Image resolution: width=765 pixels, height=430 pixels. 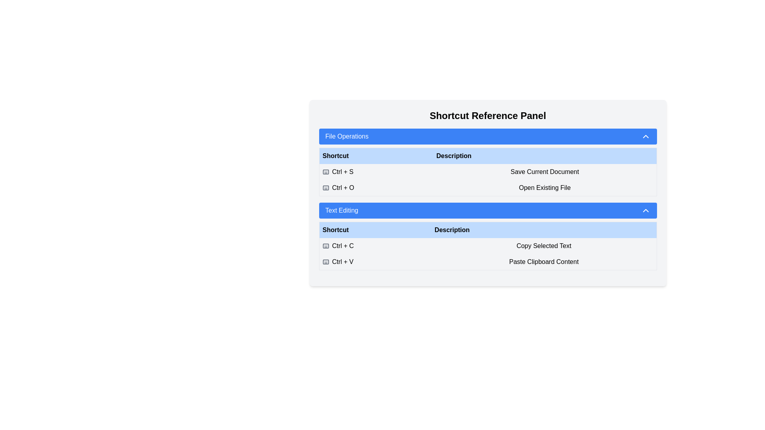 I want to click on the Informative Table Row containing the keyboard icon and the shortcut 'Ctrl + C' in the 'Text Editing' section of the shortcut reference panel, so click(x=487, y=245).